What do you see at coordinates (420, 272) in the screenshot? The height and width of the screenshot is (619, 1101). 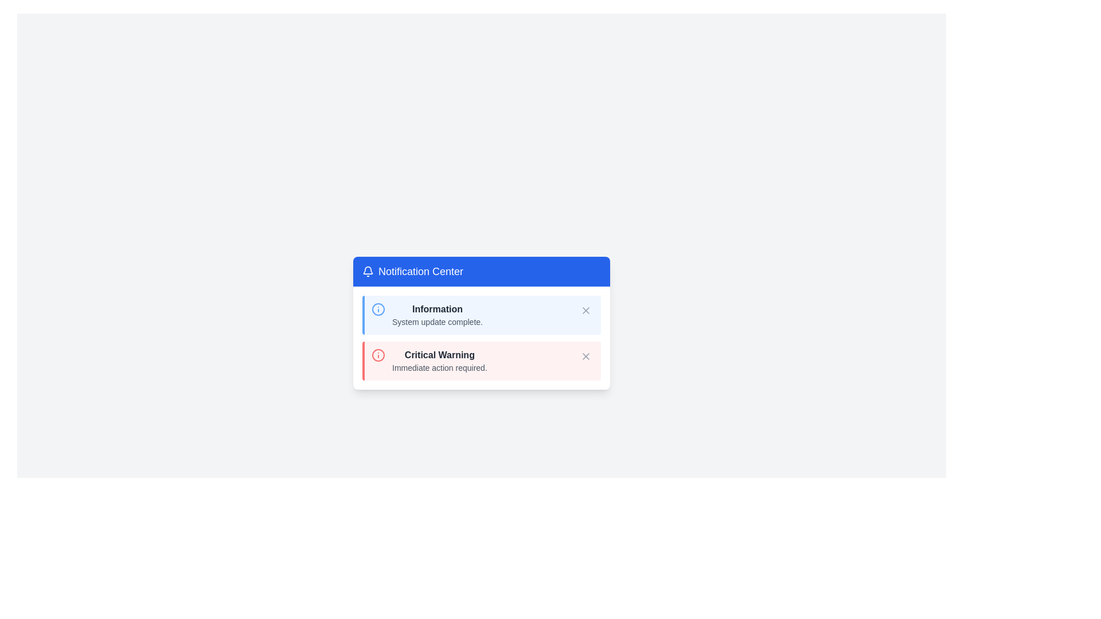 I see `text 'Notification Center' located on the left side of the blue header in the notification display area` at bounding box center [420, 272].